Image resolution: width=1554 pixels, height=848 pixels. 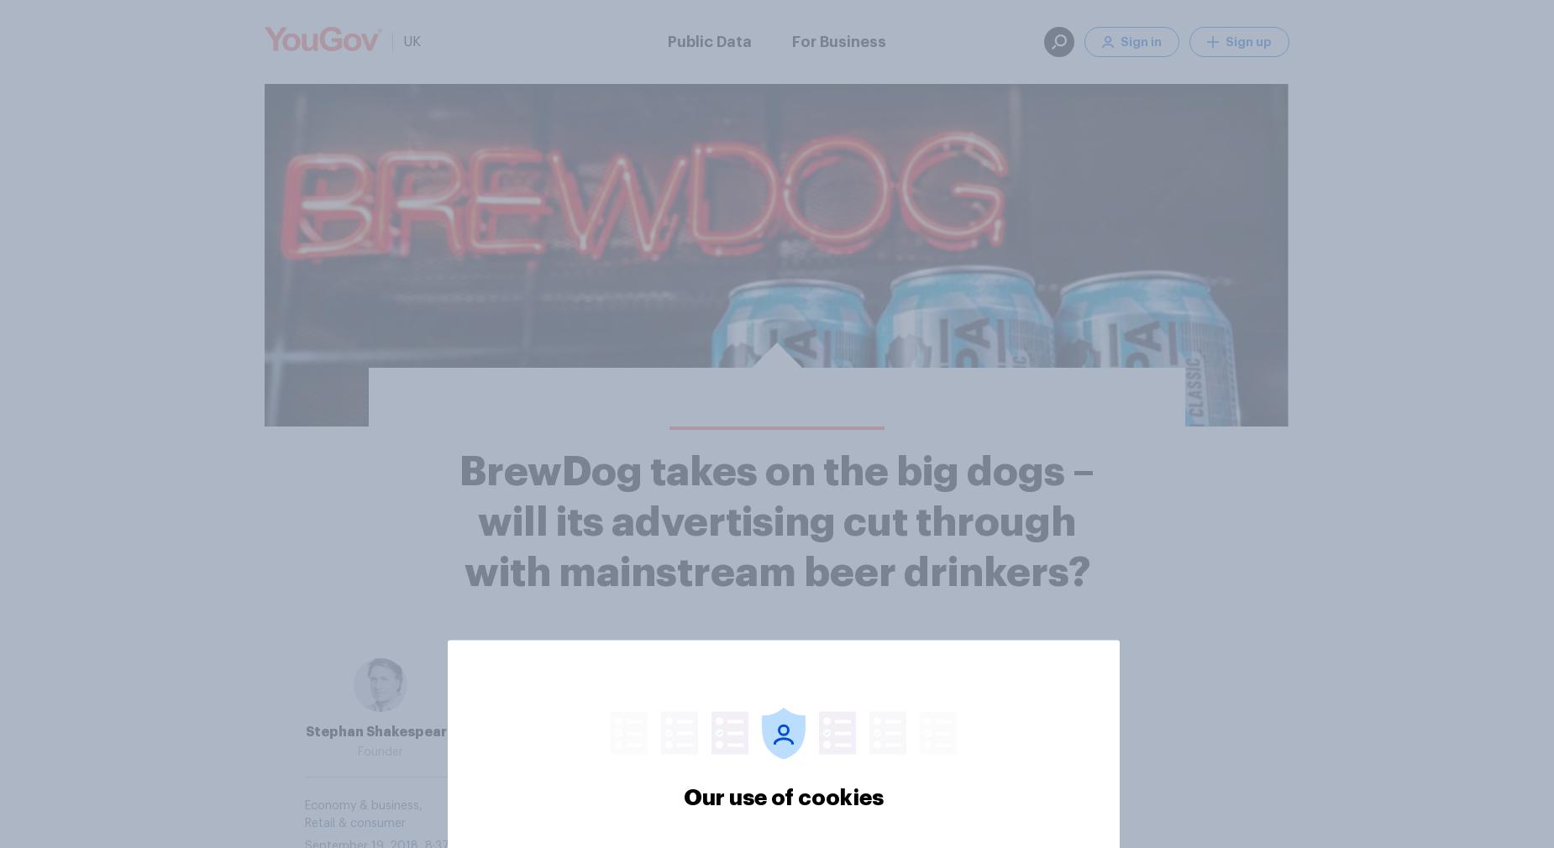 I want to click on 'UK', so click(x=412, y=40).